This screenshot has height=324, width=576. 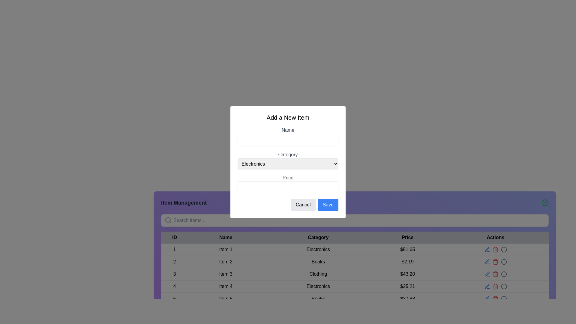 I want to click on the Text label that indicates the field for entering the price of the item being added, positioned near the bottom of the 'Add a New Item' form modal, above the price input field, so click(x=288, y=177).